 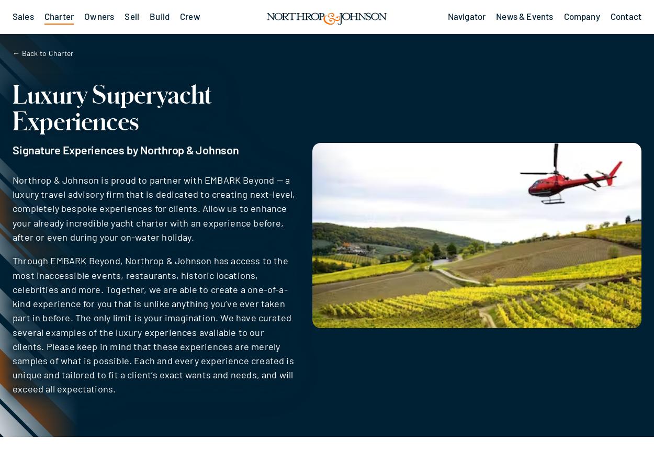 What do you see at coordinates (524, 16) in the screenshot?
I see `'News & Events'` at bounding box center [524, 16].